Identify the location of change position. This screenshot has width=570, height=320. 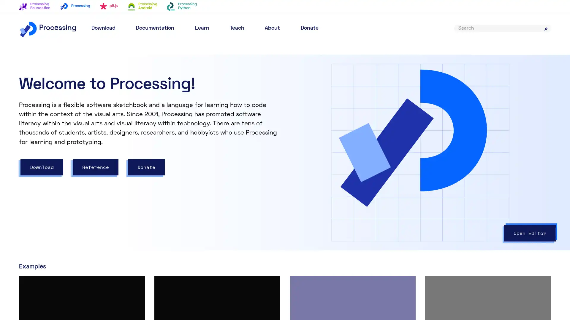
(316, 183).